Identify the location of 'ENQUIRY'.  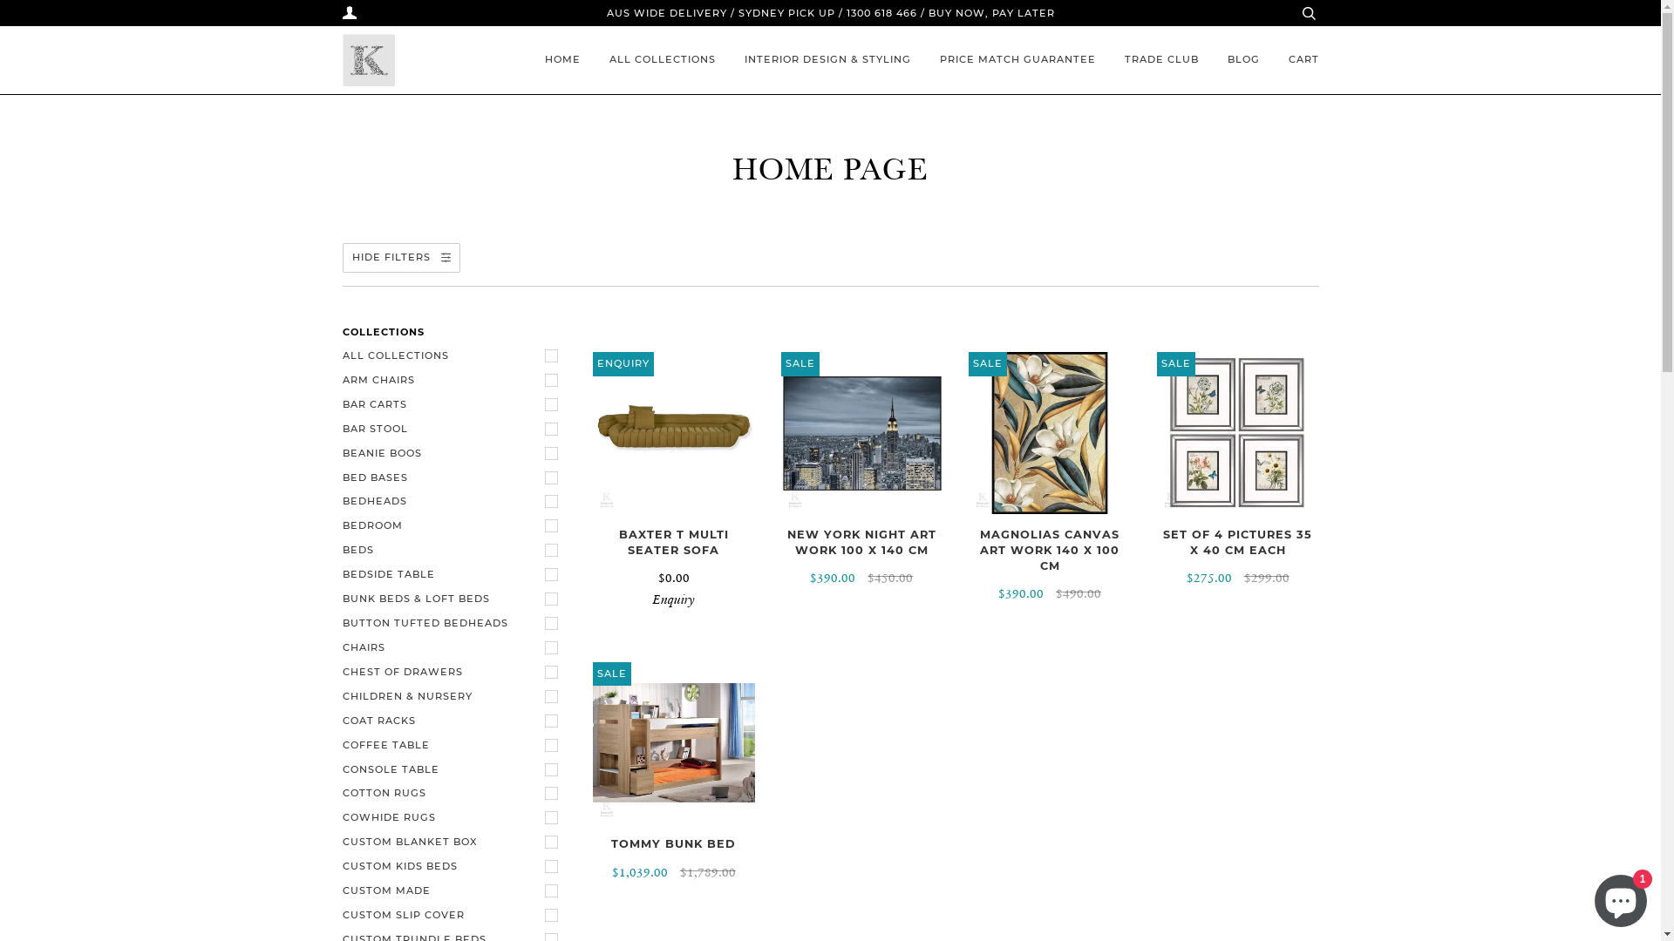
(672, 432).